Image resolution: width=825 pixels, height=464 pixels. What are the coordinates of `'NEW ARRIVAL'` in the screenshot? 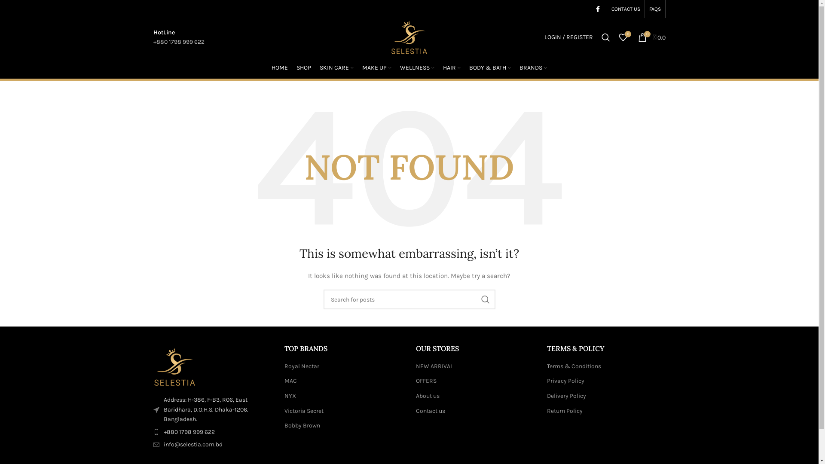 It's located at (435, 366).